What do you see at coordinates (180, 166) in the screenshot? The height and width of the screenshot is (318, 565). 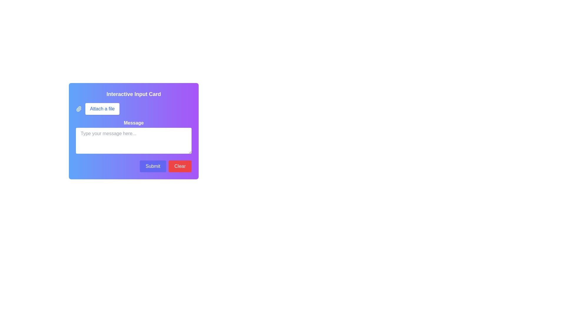 I see `the 'Clear' button located at the bottom-right corner of the card layout, adjacent to the 'Submit' button, to reset the input fields` at bounding box center [180, 166].